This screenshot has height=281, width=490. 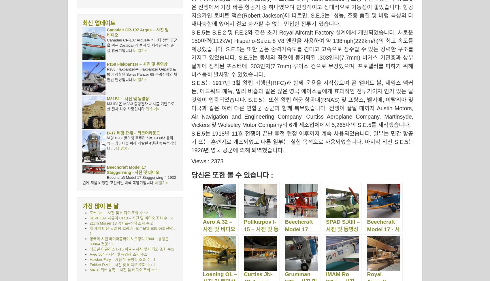 What do you see at coordinates (302, 142) in the screenshot?
I see `'S.E.5는 1918년 11월 전쟁이 끝난 휴전 협정 이후까지 계속 사용되었습니다. 일부는 민간 항공기 또는 훈련기로 개조되었고 다른 일부는 실험 목적으로 사용되었습니다. 마지막 작전 S.E.5는 1926년 영국 공군에 의해 퇴역했습니다.'` at bounding box center [302, 142].